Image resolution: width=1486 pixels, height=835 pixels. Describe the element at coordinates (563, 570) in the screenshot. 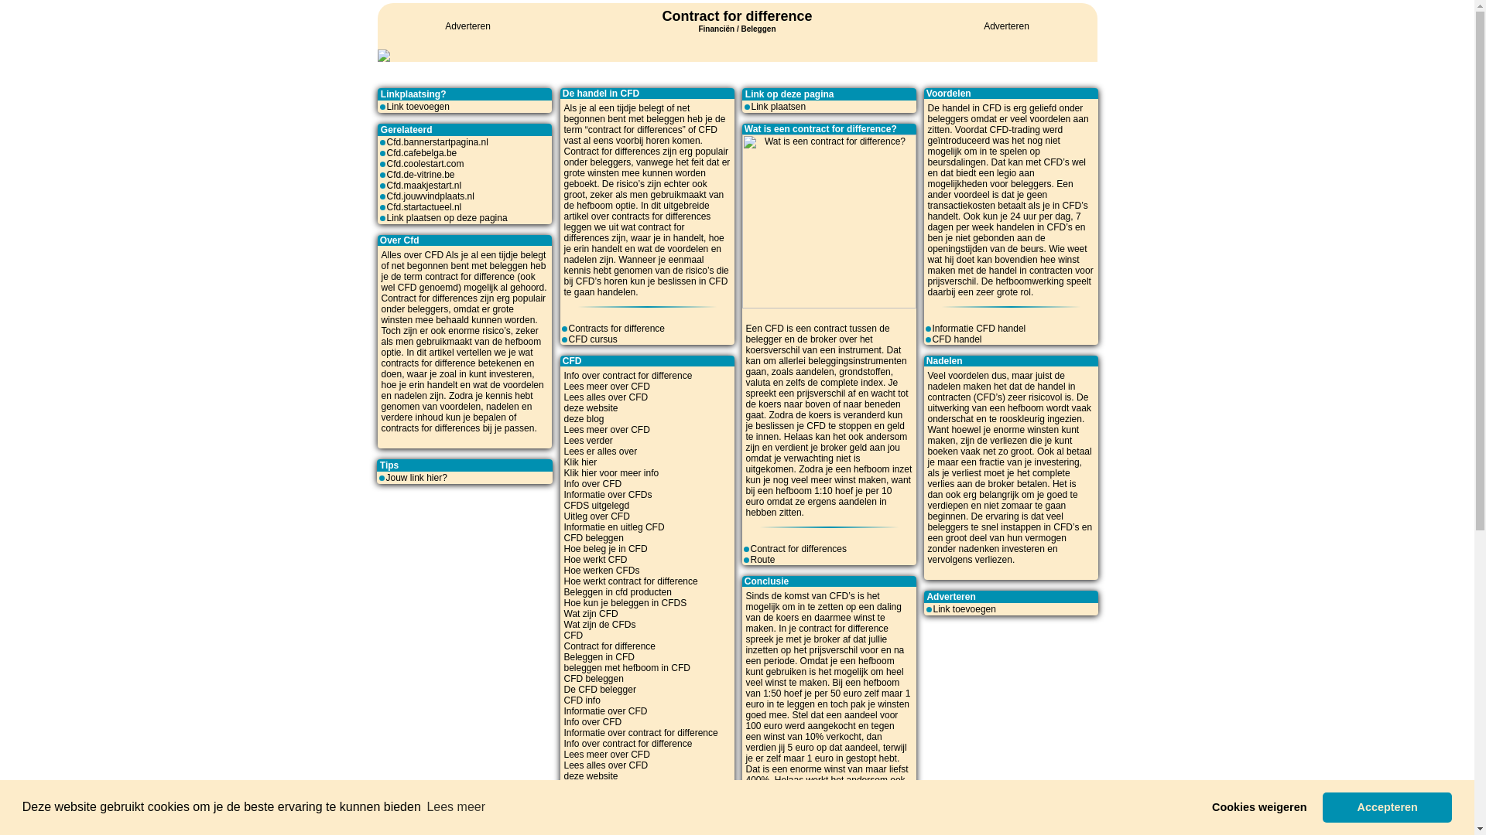

I see `'Hoe werken CFDs'` at that location.